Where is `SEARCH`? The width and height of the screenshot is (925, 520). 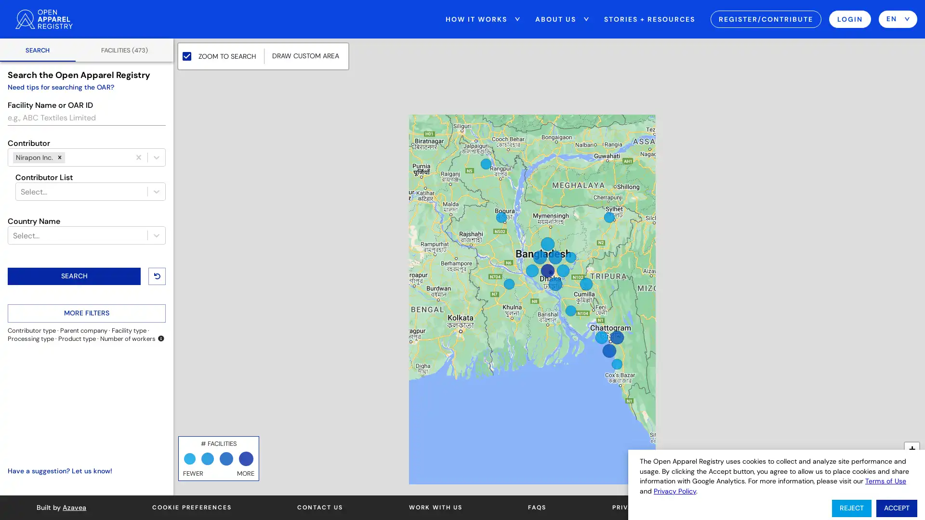
SEARCH is located at coordinates (73, 276).